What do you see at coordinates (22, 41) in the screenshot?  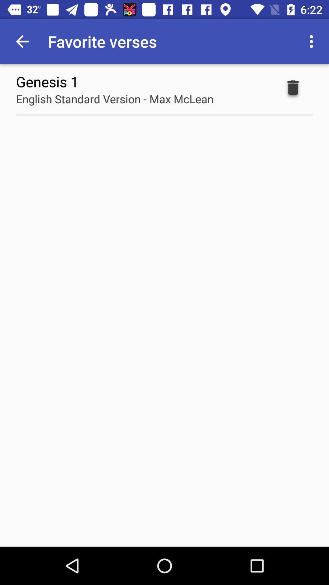 I see `app next to favorite verses` at bounding box center [22, 41].